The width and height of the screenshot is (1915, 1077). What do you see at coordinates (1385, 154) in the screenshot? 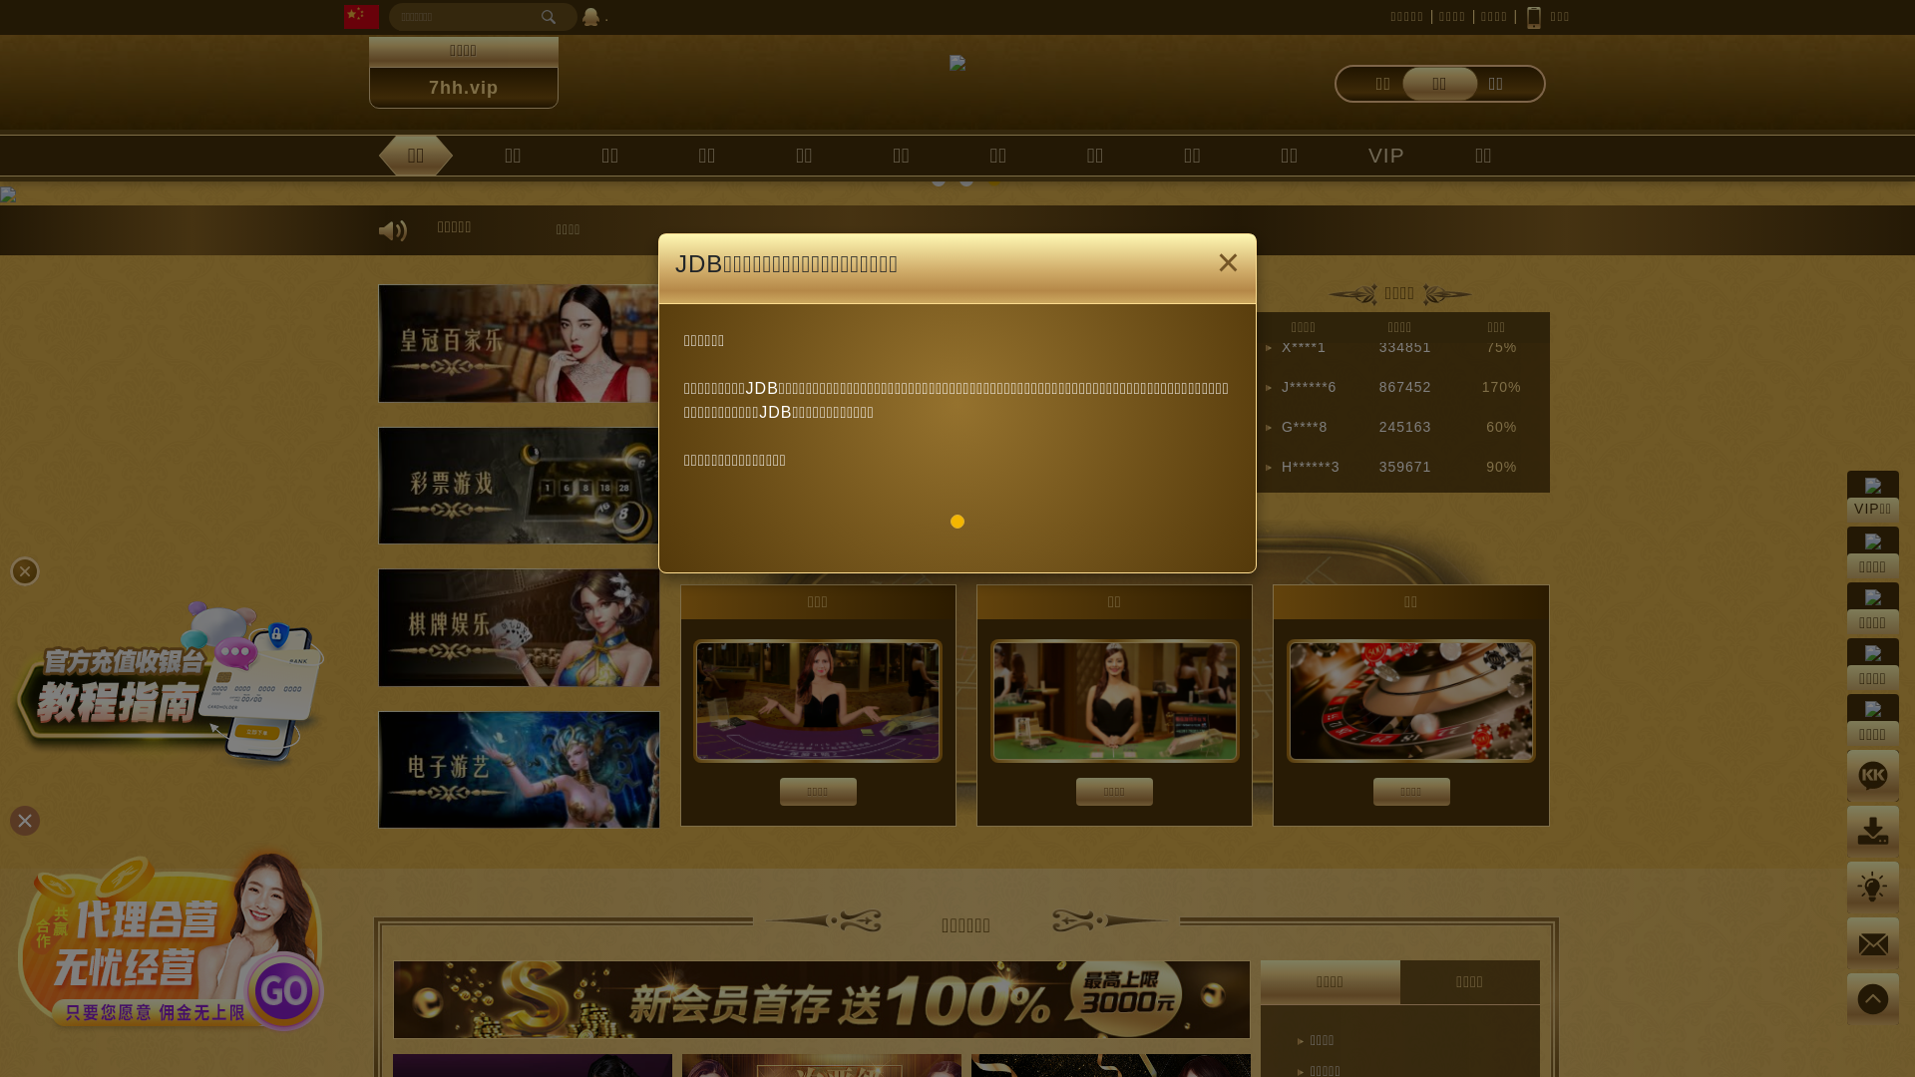
I see `'VIP'` at bounding box center [1385, 154].